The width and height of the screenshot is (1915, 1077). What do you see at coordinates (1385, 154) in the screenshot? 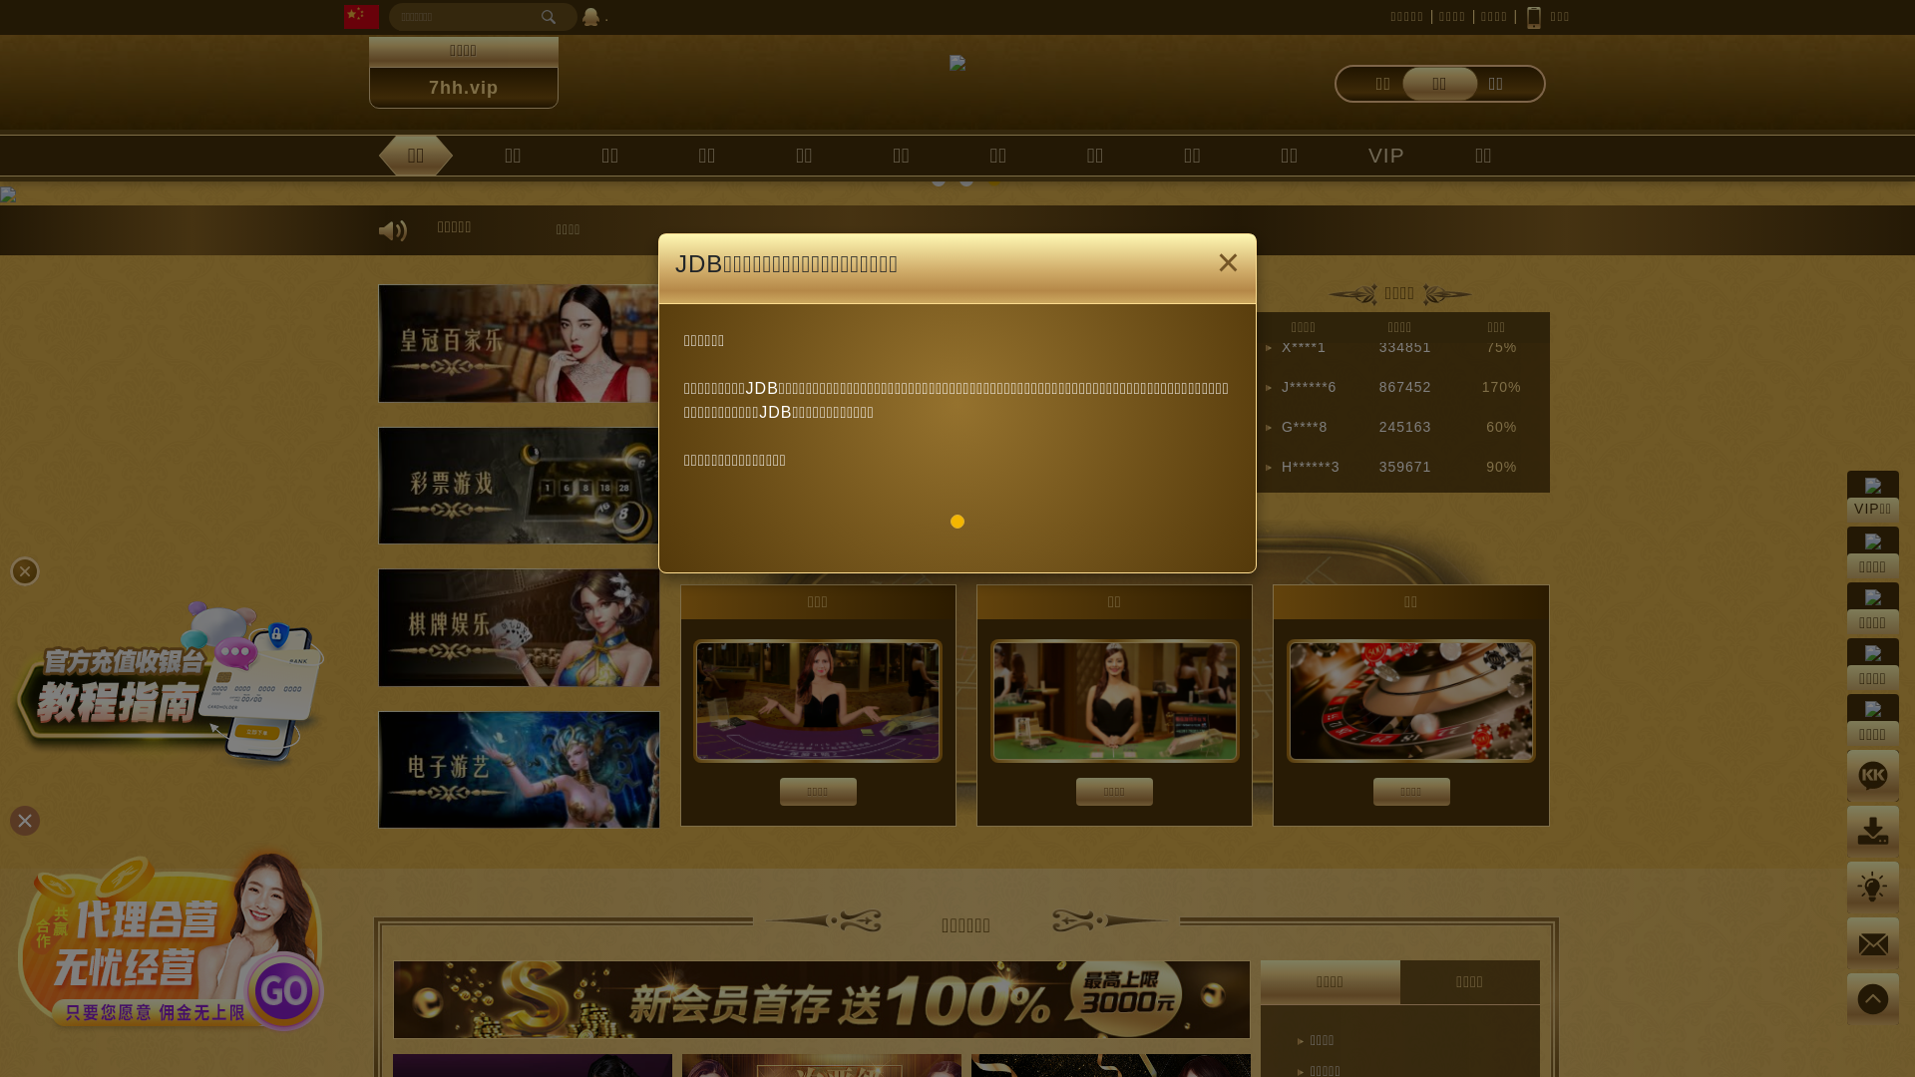
I see `'VIP'` at bounding box center [1385, 154].